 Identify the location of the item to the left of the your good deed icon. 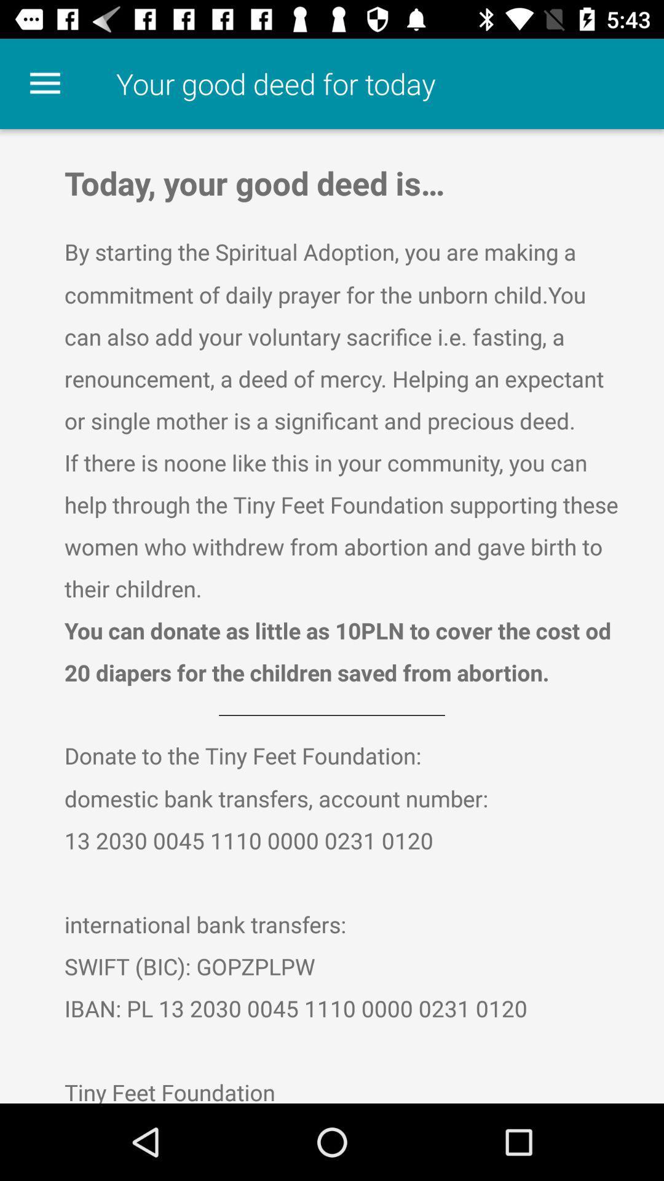
(44, 83).